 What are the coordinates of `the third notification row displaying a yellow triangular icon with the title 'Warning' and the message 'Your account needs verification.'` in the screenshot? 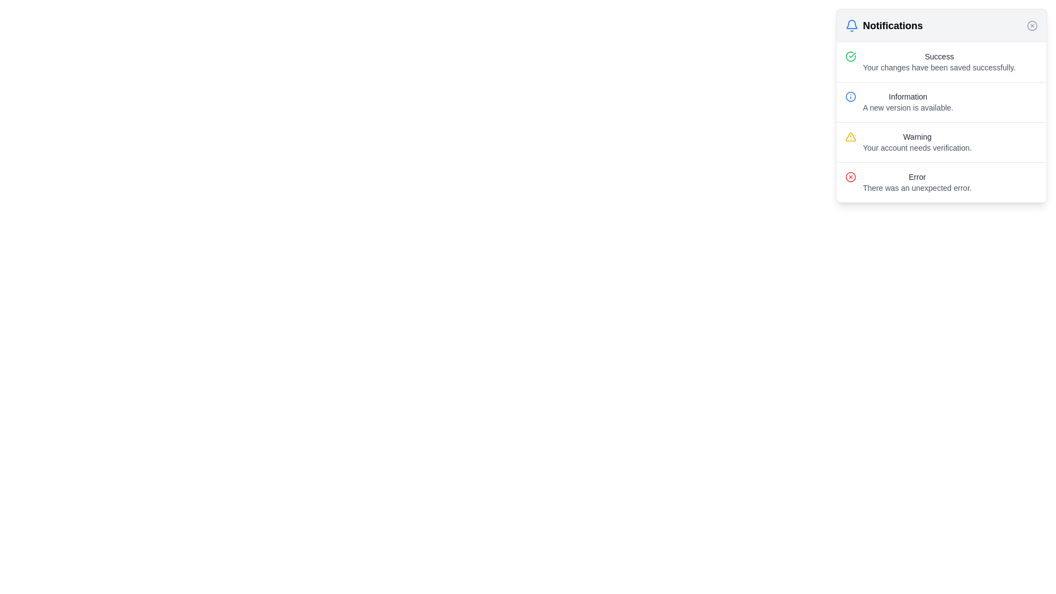 It's located at (941, 141).